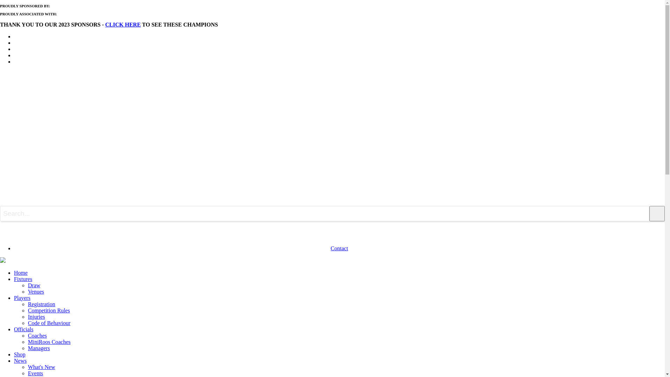 Image resolution: width=670 pixels, height=377 pixels. What do you see at coordinates (23, 279) in the screenshot?
I see `'Fixtures'` at bounding box center [23, 279].